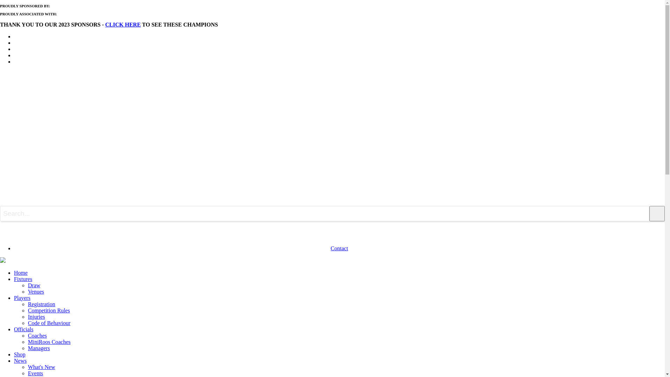 Image resolution: width=670 pixels, height=377 pixels. What do you see at coordinates (23, 279) in the screenshot?
I see `'Fixtures'` at bounding box center [23, 279].